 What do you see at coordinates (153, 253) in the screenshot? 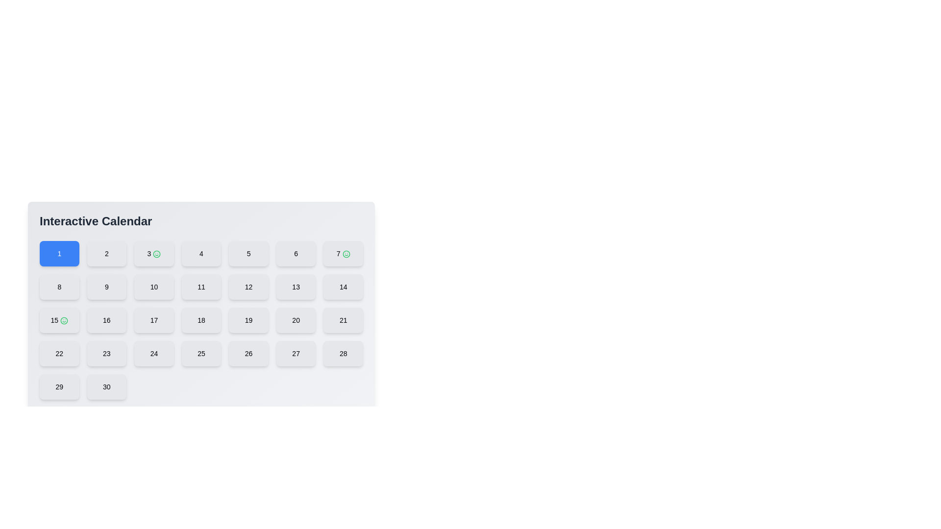
I see `the button containing the number '3' and a small green smiley face icon` at bounding box center [153, 253].